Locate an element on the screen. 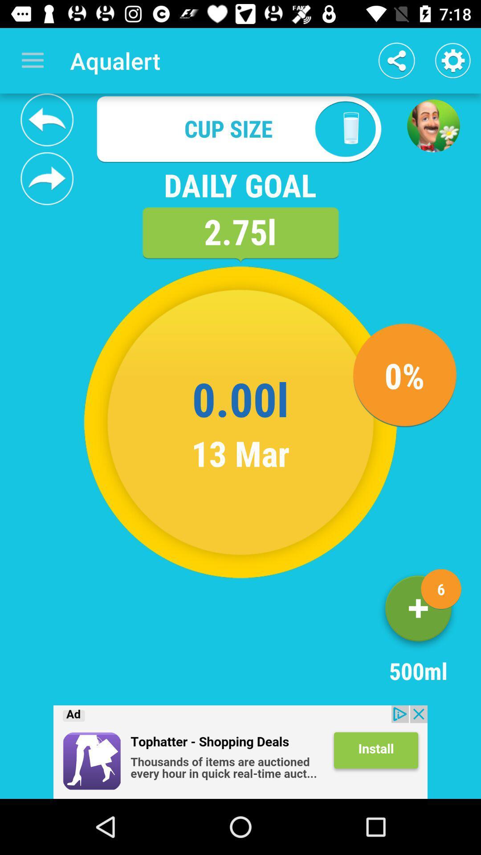  aqualert water intake tracker reminder google fit is located at coordinates (47, 119).